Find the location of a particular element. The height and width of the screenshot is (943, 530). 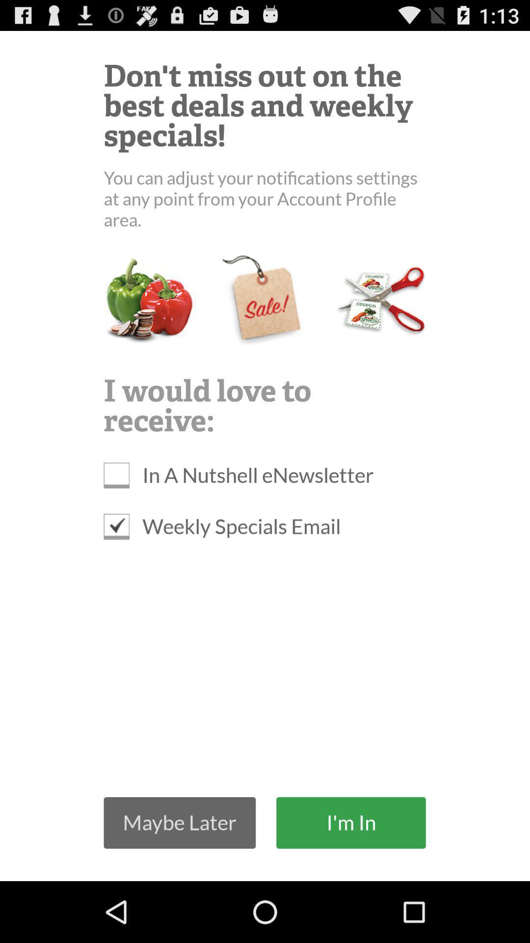

the icon next to i'm in icon is located at coordinates (180, 823).